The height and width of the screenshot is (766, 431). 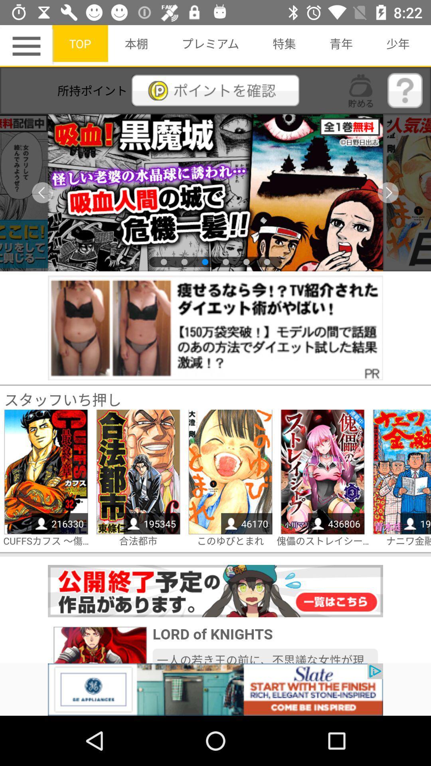 I want to click on the menu icon, so click(x=27, y=45).